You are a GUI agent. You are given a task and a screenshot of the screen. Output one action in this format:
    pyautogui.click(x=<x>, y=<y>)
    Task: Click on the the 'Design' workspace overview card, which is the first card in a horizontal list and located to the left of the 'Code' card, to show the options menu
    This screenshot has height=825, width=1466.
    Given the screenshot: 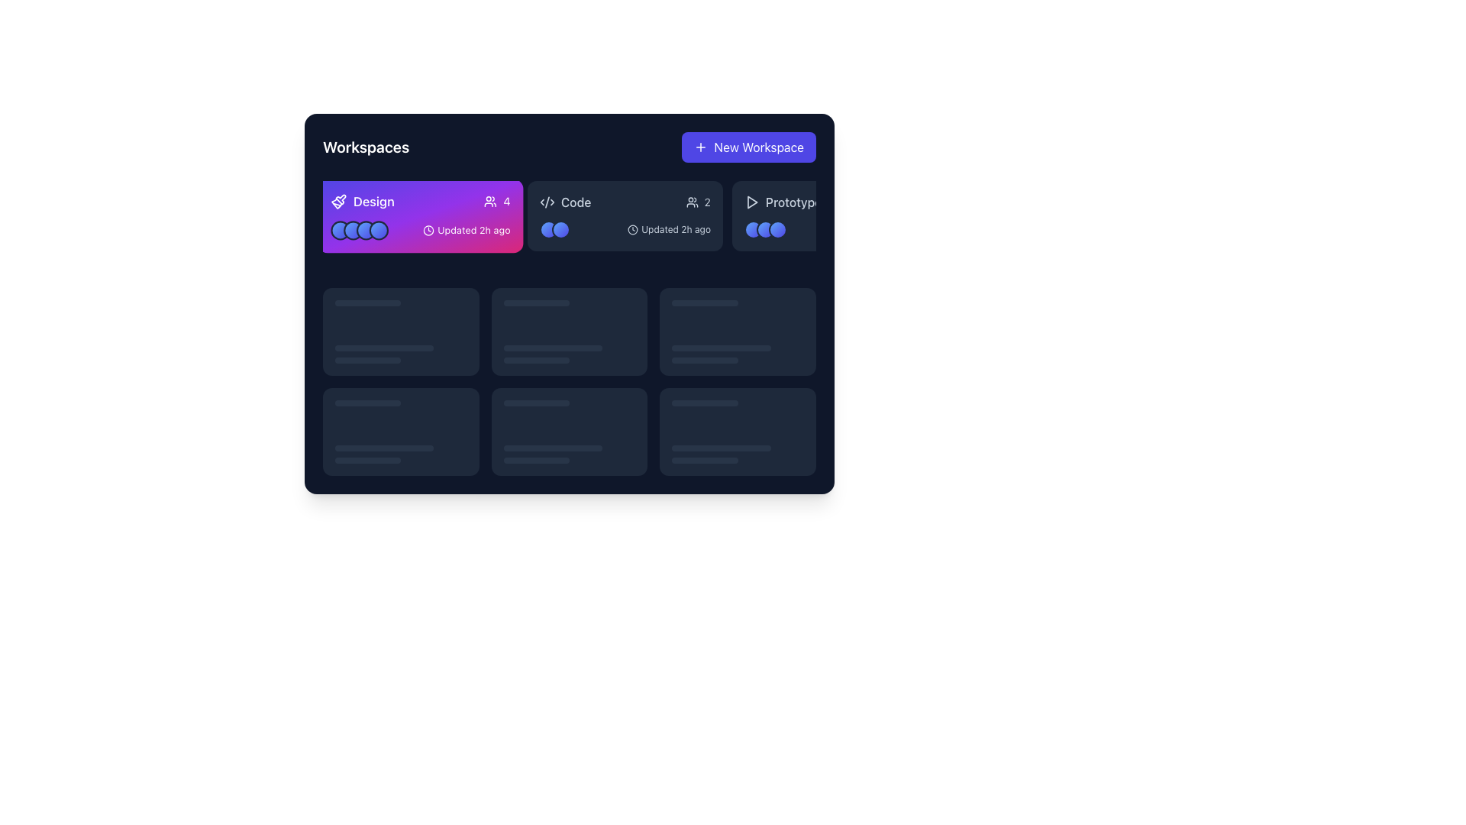 What is the action you would take?
    pyautogui.click(x=421, y=215)
    